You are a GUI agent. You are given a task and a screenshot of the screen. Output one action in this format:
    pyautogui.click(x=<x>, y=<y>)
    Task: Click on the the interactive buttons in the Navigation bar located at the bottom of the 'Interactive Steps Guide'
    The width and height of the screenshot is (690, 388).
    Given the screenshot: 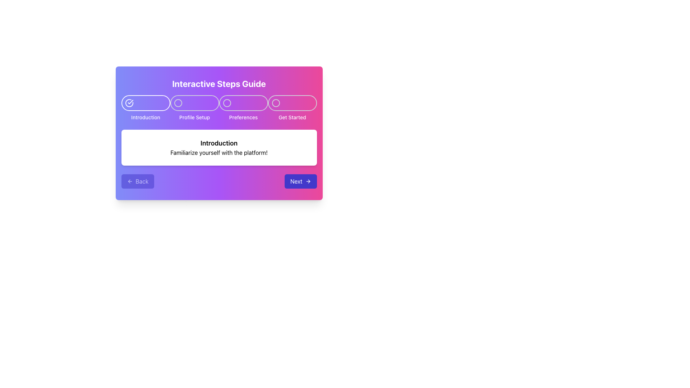 What is the action you would take?
    pyautogui.click(x=218, y=181)
    